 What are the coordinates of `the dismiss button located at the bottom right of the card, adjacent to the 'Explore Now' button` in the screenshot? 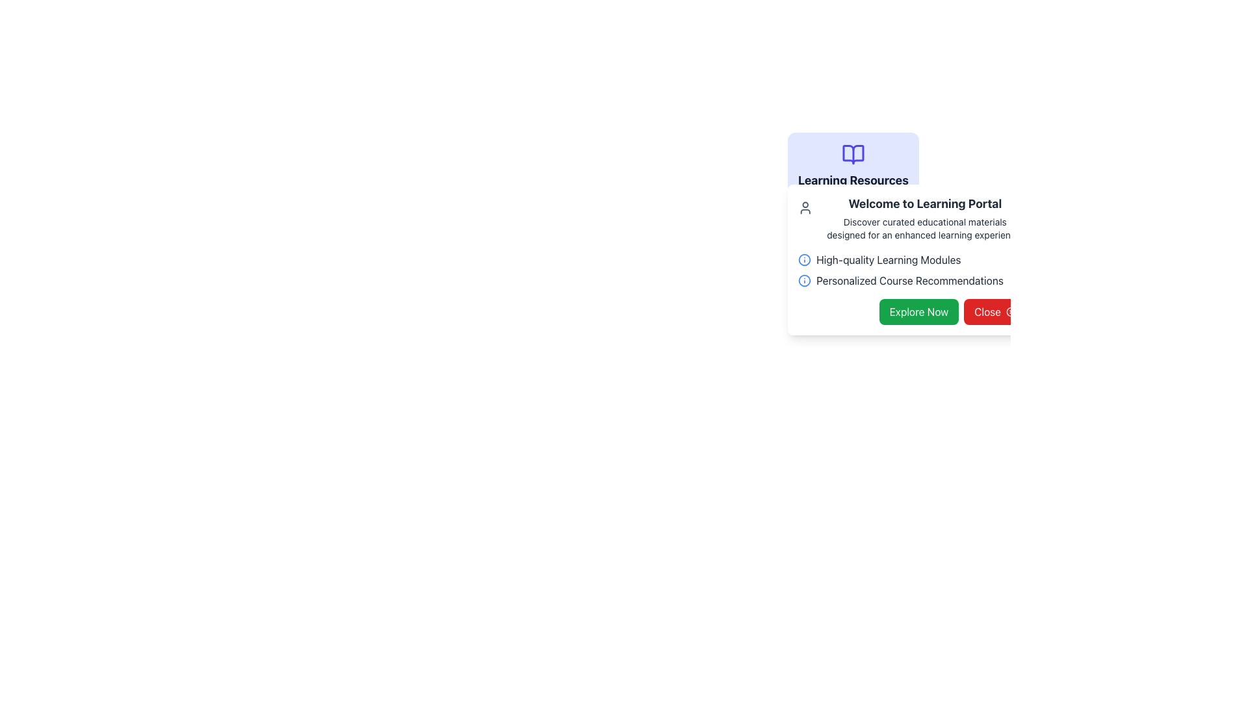 It's located at (994, 311).